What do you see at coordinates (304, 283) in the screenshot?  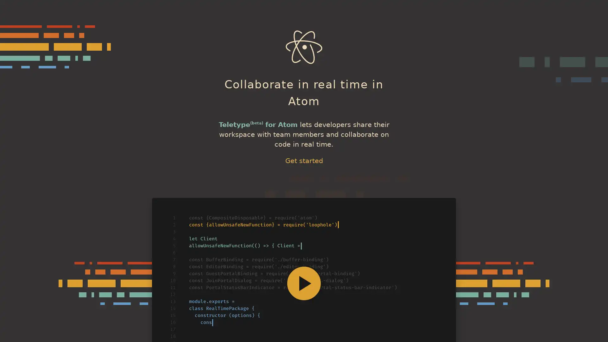 I see `Play video` at bounding box center [304, 283].